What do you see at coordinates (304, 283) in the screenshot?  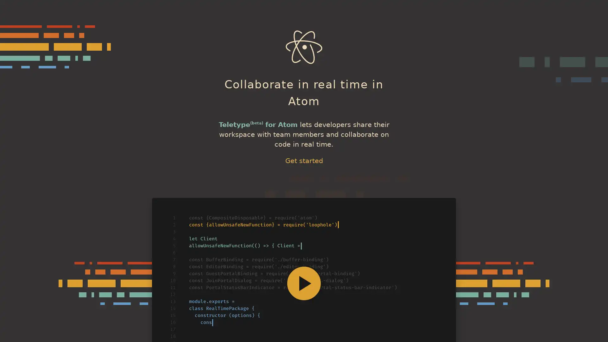 I see `Play video` at bounding box center [304, 283].